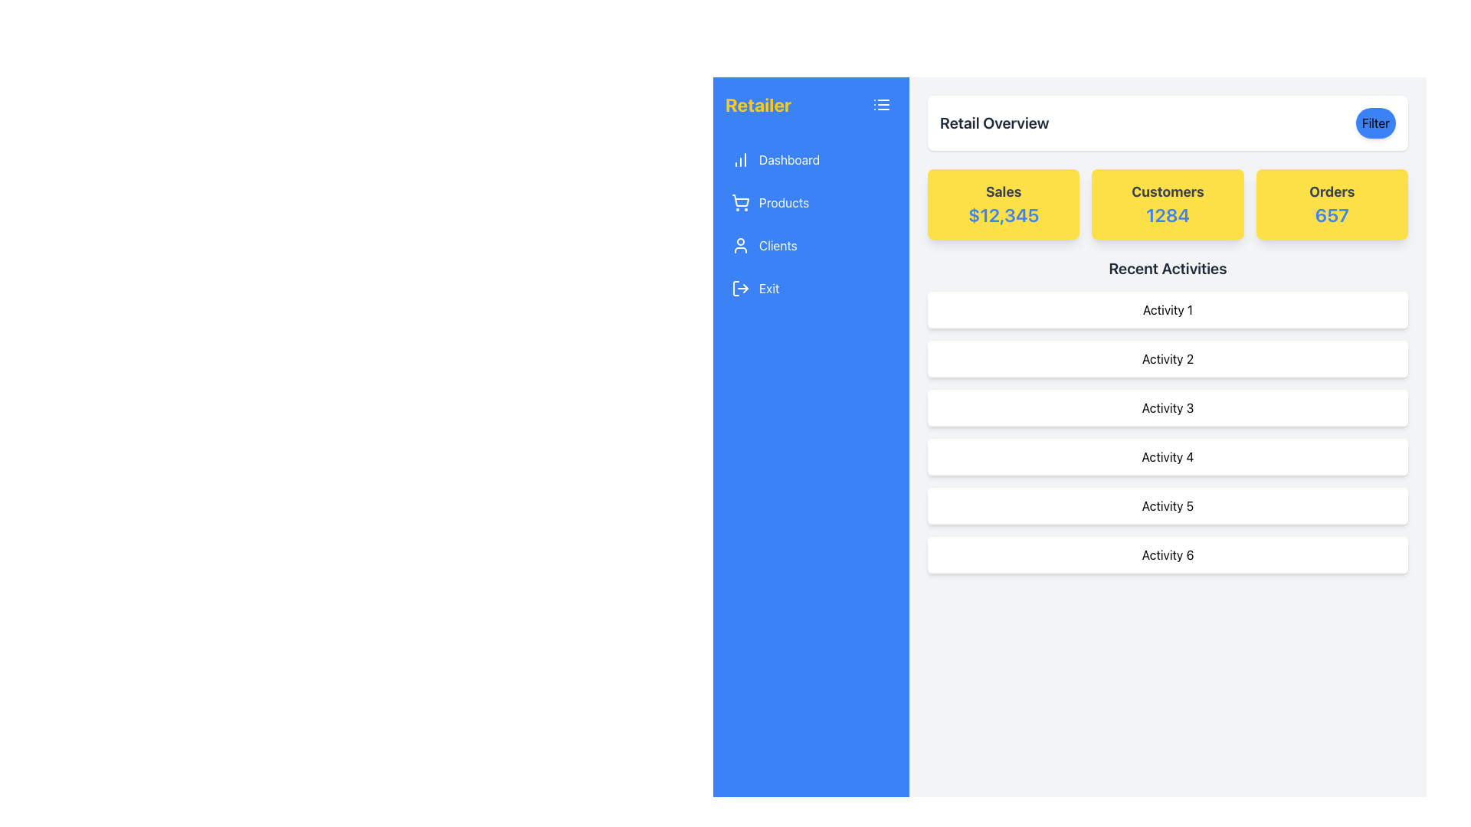 This screenshot has height=827, width=1471. What do you see at coordinates (882, 104) in the screenshot?
I see `the small rectangular button with a 'list'-style icon located in the upper-right corner of the blue sidebar` at bounding box center [882, 104].